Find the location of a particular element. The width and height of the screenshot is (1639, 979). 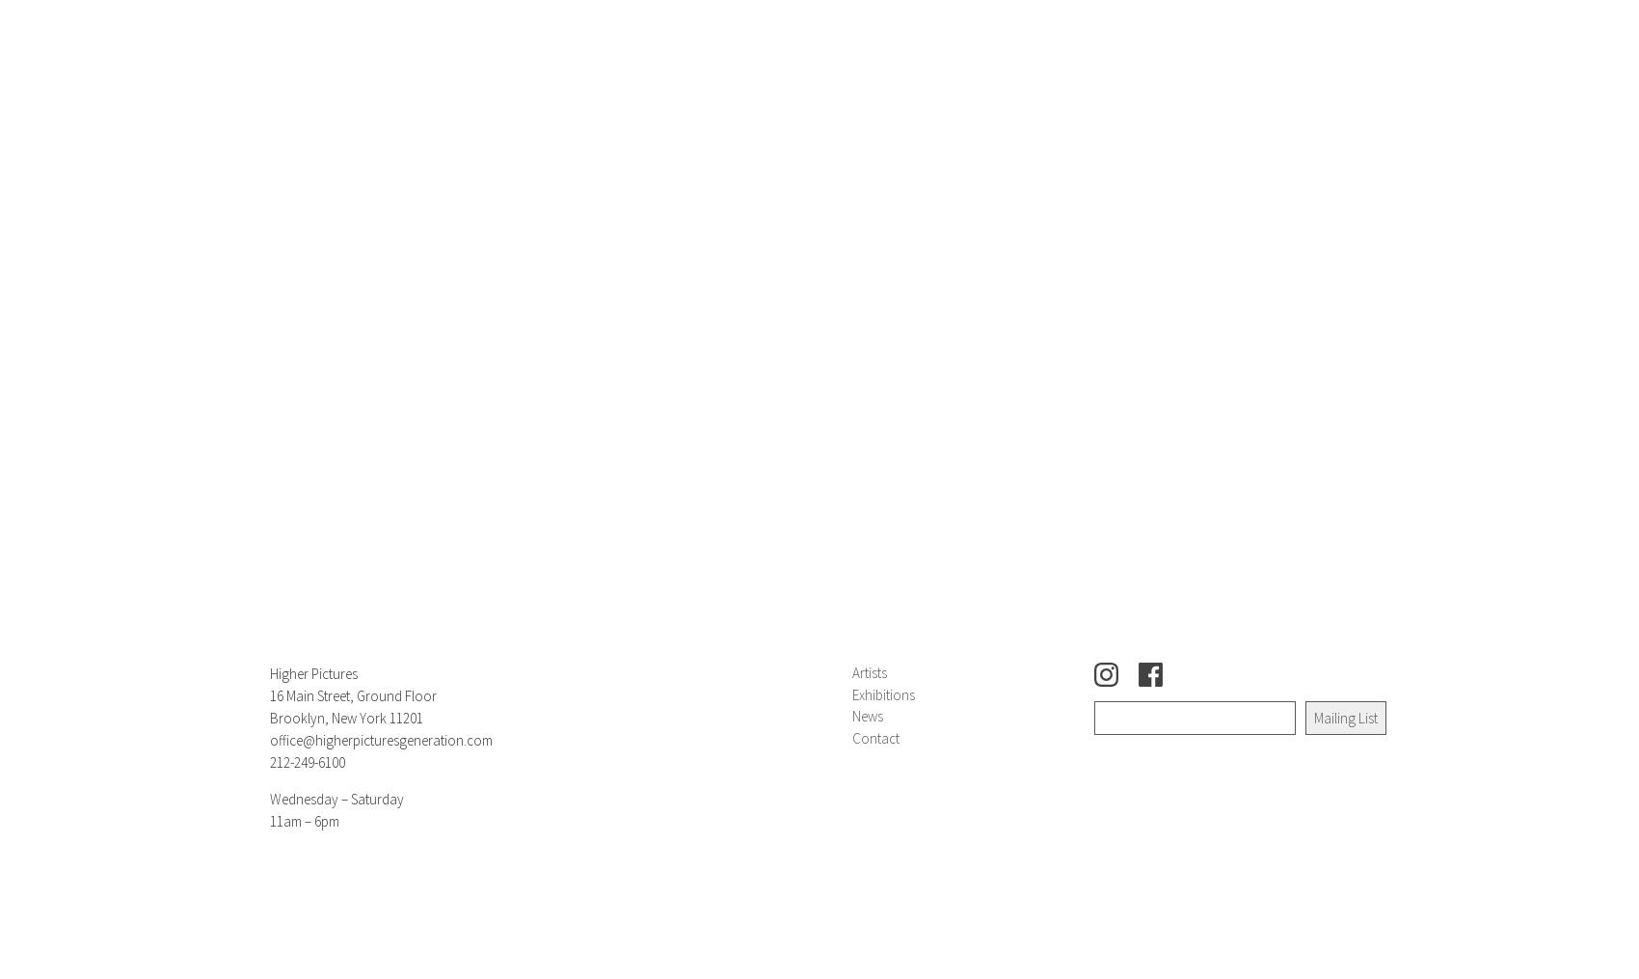

'11am – 6pm' is located at coordinates (305, 821).